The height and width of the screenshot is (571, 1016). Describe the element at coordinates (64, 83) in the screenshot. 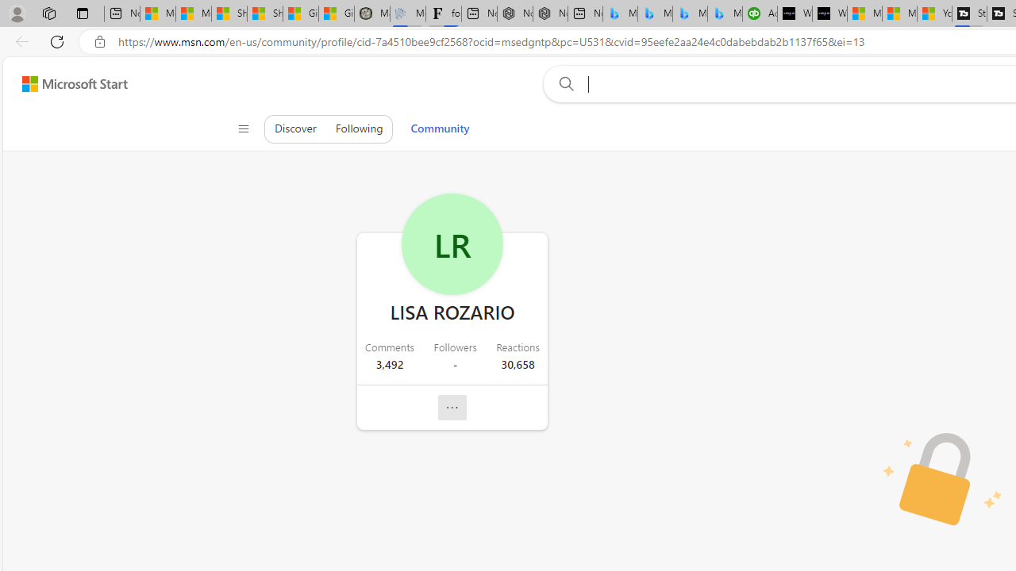

I see `'Skip to footer'` at that location.